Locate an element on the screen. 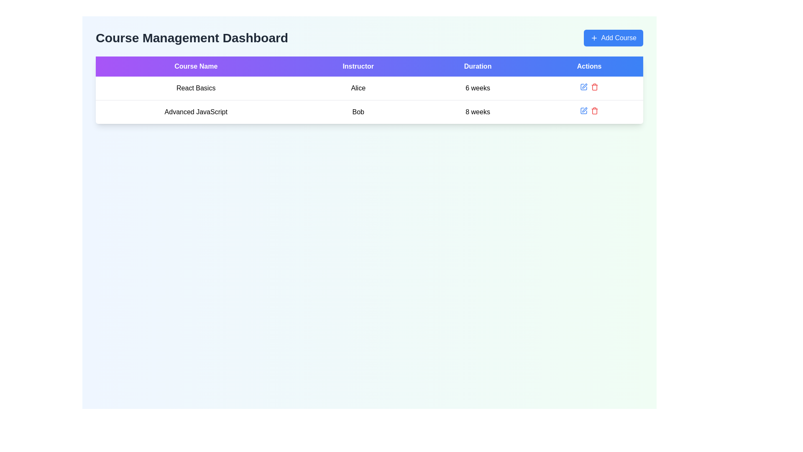 This screenshot has height=452, width=803. the edit icon for the 'Advanced JavaScript' course located in the 'Actions' column of the table is located at coordinates (583, 110).